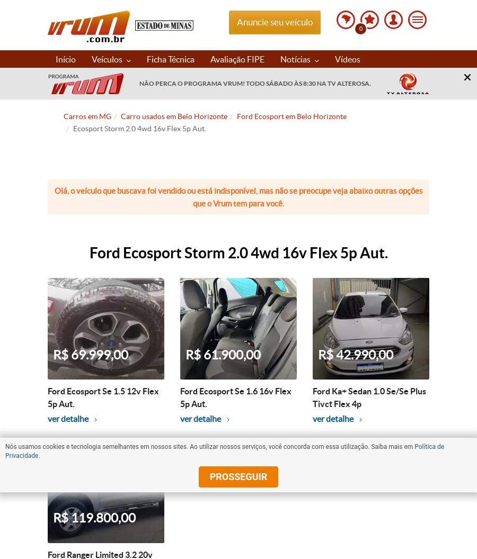 The image size is (477, 559). Describe the element at coordinates (223, 354) in the screenshot. I see `'R$ 61.900,00'` at that location.